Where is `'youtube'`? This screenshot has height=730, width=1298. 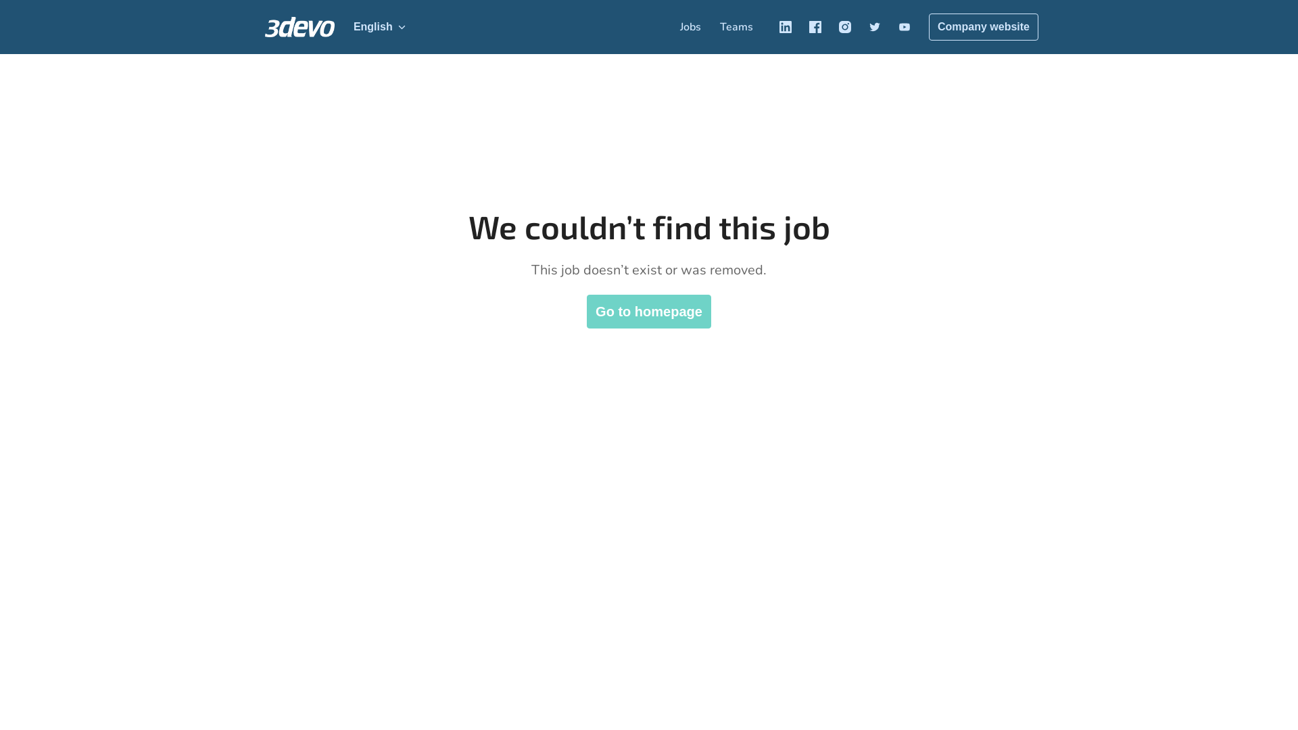
'youtube' is located at coordinates (905, 26).